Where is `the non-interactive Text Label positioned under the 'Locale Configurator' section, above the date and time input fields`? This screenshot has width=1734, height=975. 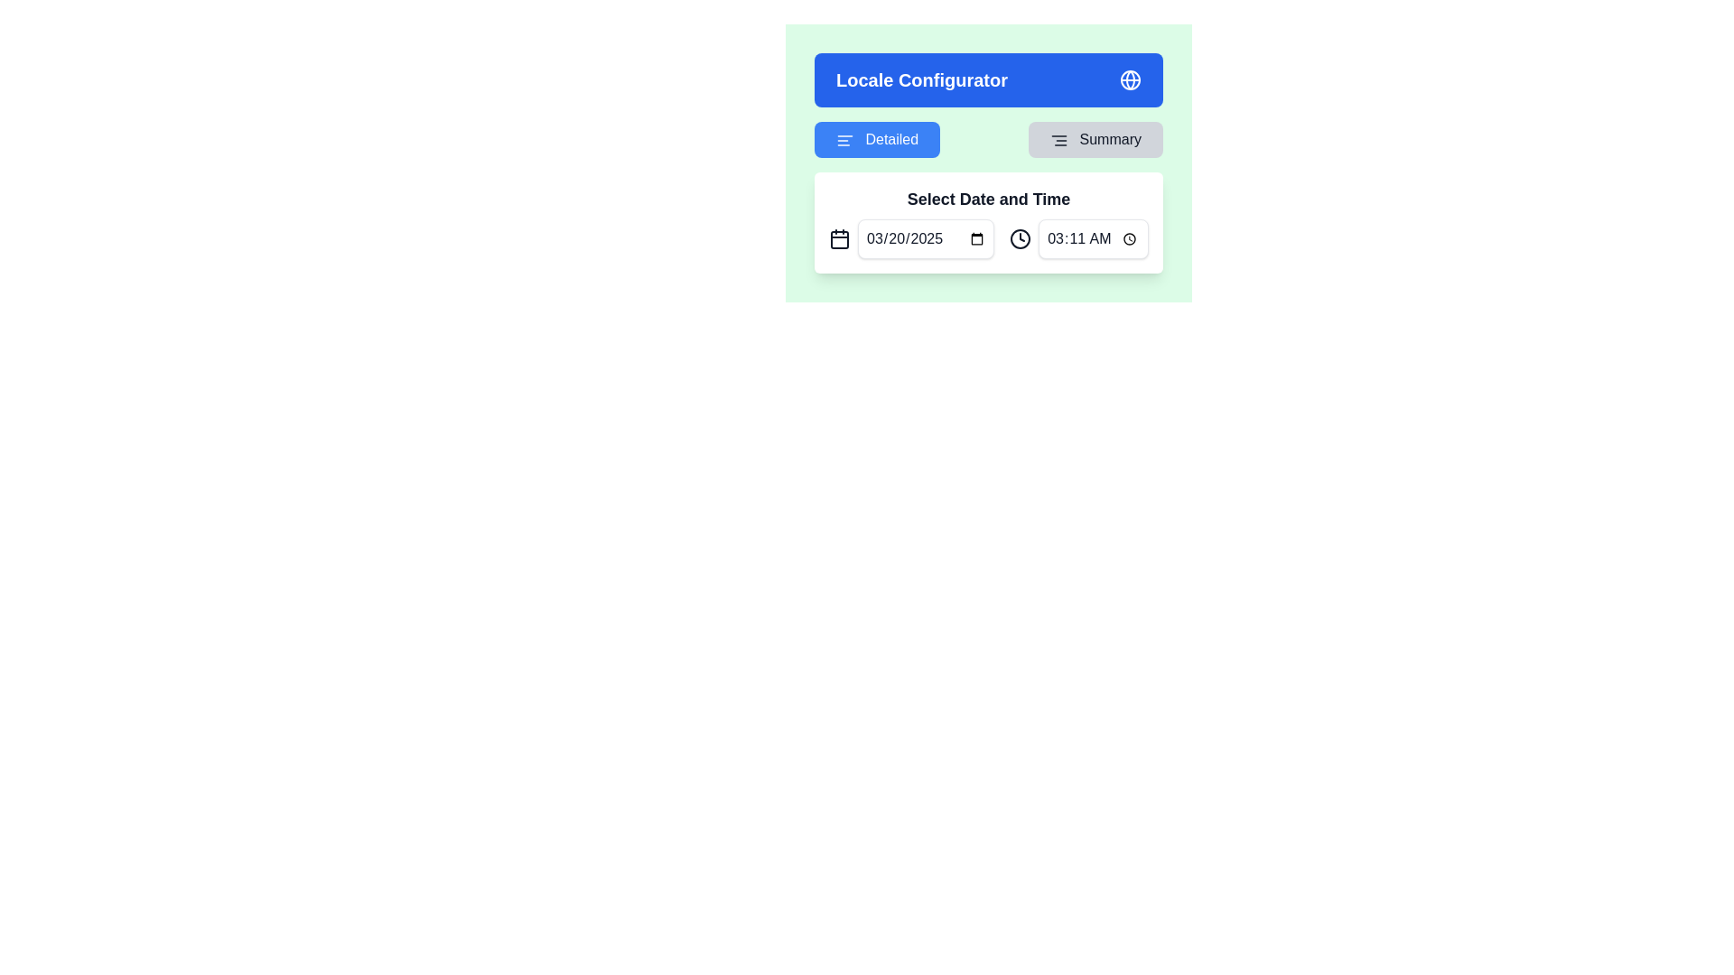
the non-interactive Text Label positioned under the 'Locale Configurator' section, above the date and time input fields is located at coordinates (987, 199).